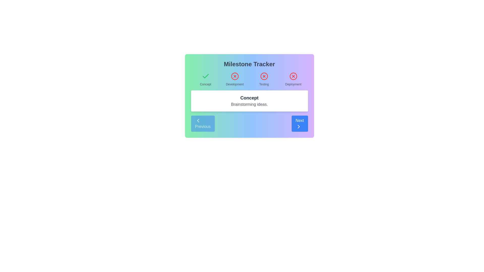  What do you see at coordinates (264, 76) in the screenshot?
I see `the status of the circular red 'X' icon located centrally in the upper section of the interface within the 'Testing' section of the progress tracker` at bounding box center [264, 76].